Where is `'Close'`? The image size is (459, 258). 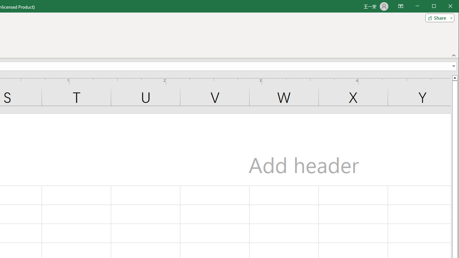 'Close' is located at coordinates (452, 7).